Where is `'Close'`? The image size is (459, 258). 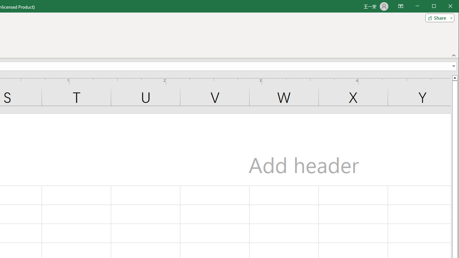 'Close' is located at coordinates (452, 7).